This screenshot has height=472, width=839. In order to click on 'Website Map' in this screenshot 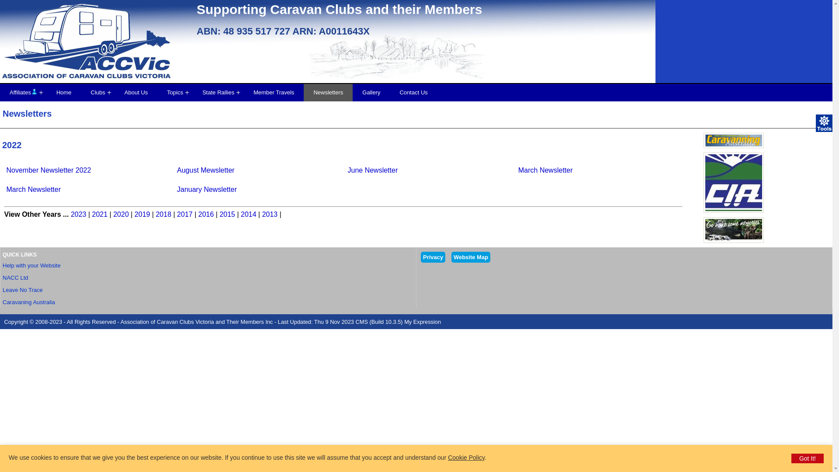, I will do `click(470, 257)`.